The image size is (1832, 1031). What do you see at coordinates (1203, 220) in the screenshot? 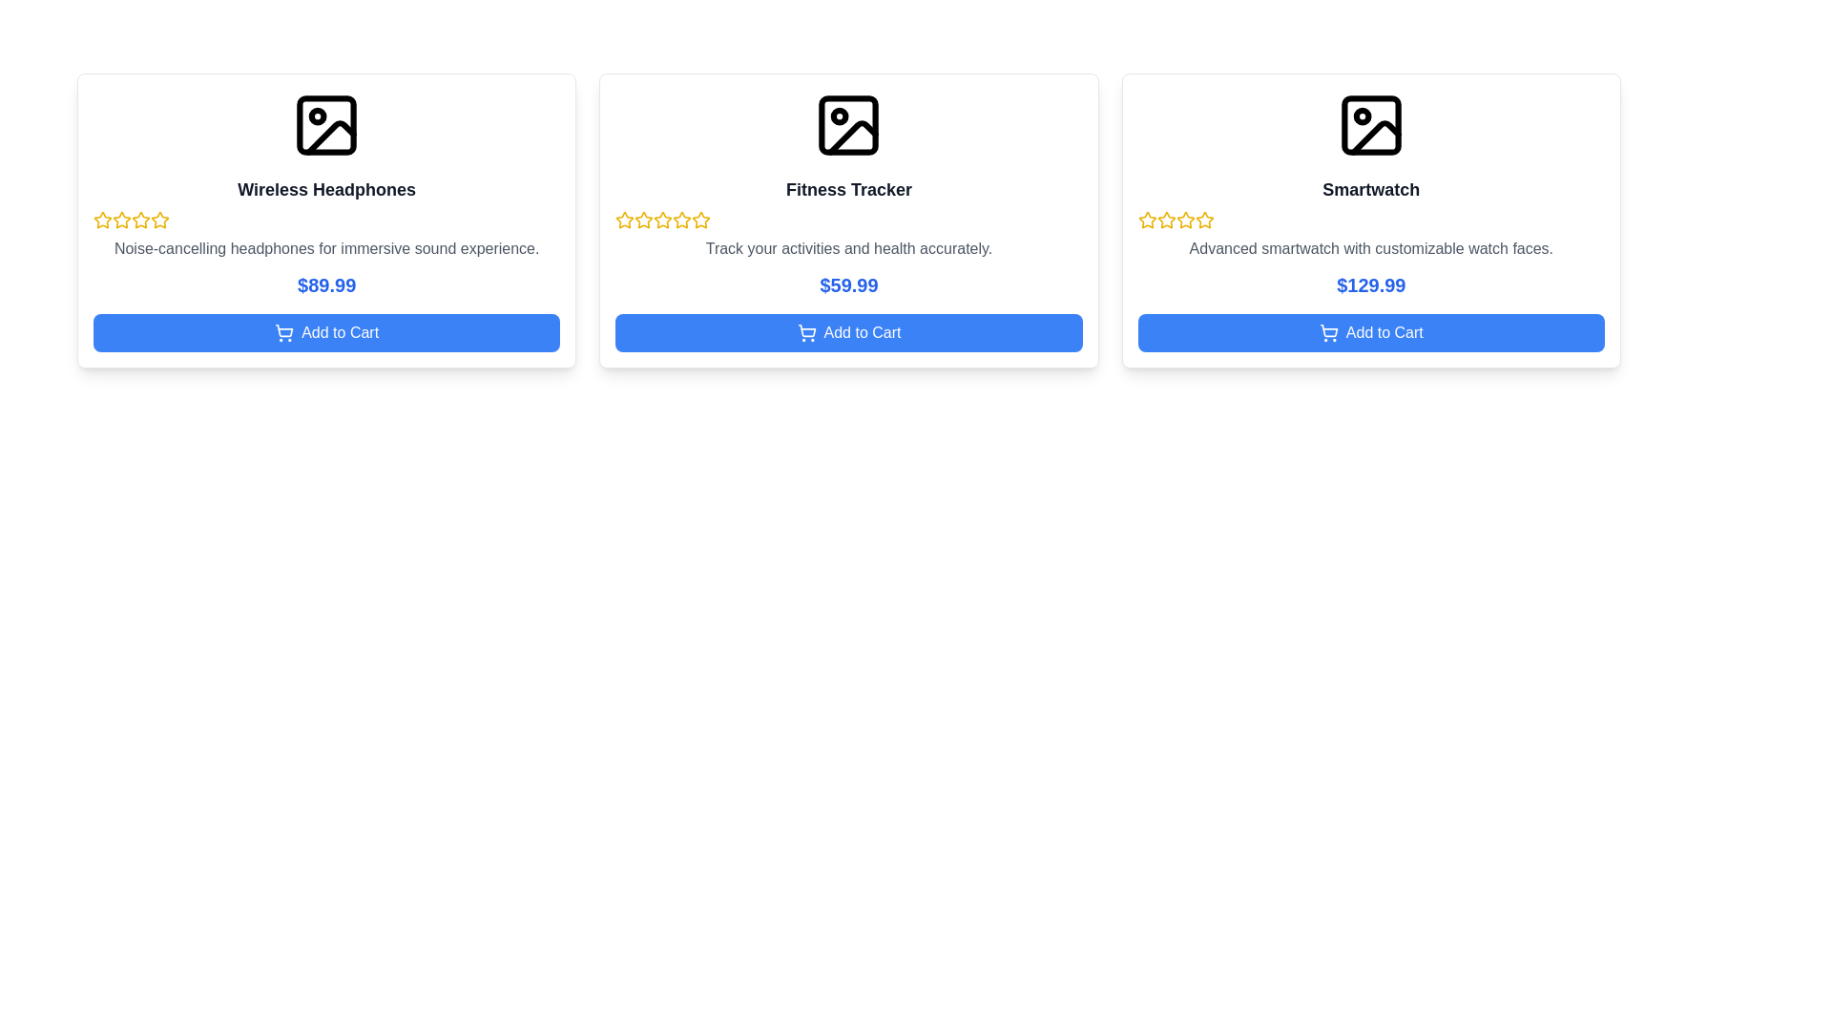
I see `the fifth star icon in the star rating component of the 'Smartwatch' card` at bounding box center [1203, 220].